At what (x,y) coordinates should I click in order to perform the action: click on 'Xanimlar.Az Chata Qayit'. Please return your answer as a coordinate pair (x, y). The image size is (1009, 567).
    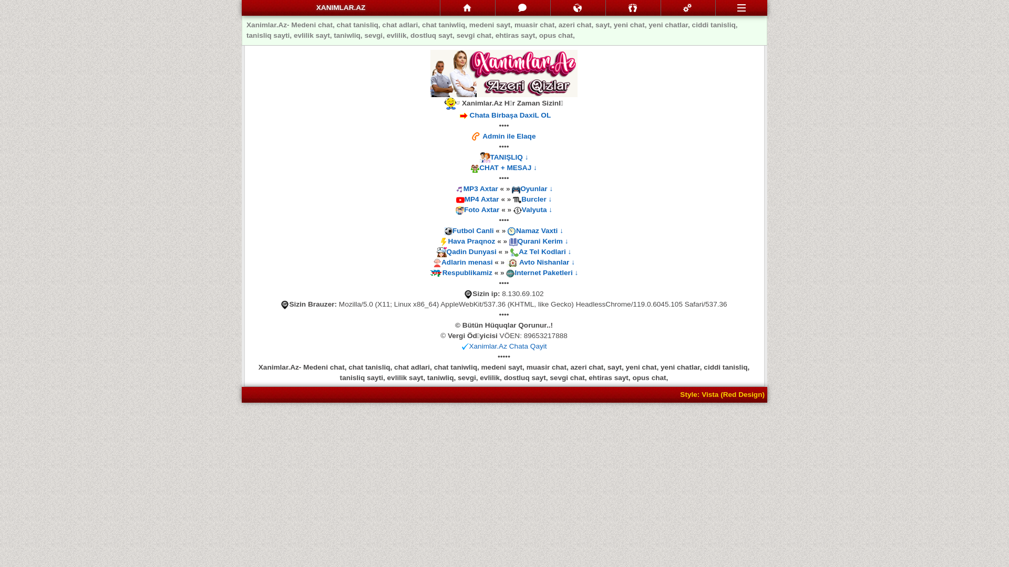
    Looking at the image, I should click on (507, 346).